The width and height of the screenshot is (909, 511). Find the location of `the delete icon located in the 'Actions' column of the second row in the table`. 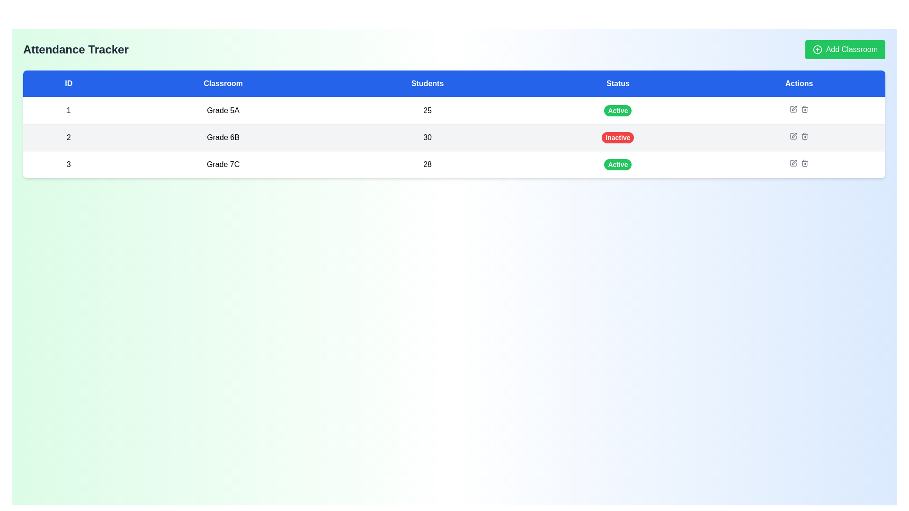

the delete icon located in the 'Actions' column of the second row in the table is located at coordinates (804, 109).